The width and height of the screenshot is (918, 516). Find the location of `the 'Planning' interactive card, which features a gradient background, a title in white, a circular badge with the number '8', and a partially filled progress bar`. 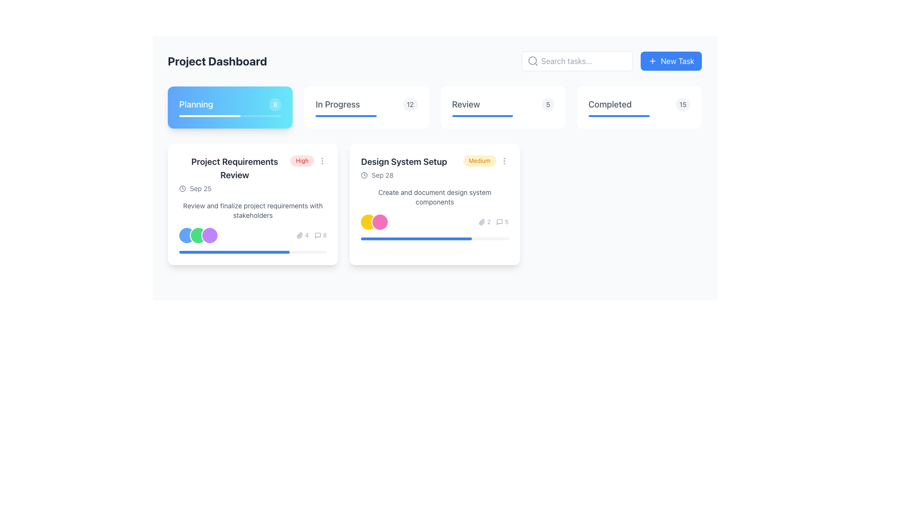

the 'Planning' interactive card, which features a gradient background, a title in white, a circular badge with the number '8', and a partially filled progress bar is located at coordinates (230, 107).